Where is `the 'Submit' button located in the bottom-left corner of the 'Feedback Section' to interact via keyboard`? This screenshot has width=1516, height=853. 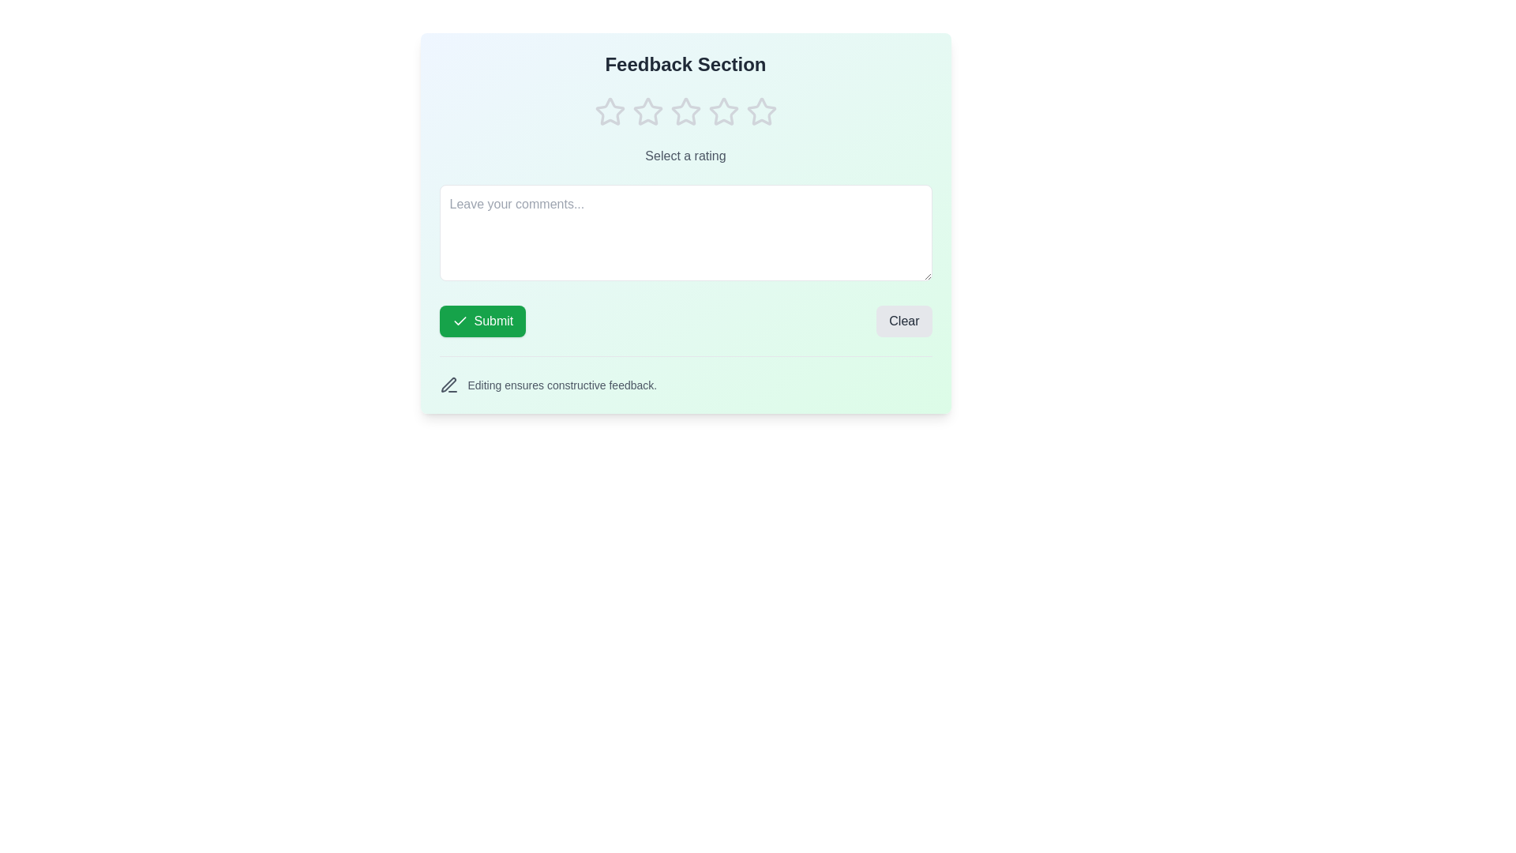
the 'Submit' button located in the bottom-left corner of the 'Feedback Section' to interact via keyboard is located at coordinates (482, 321).